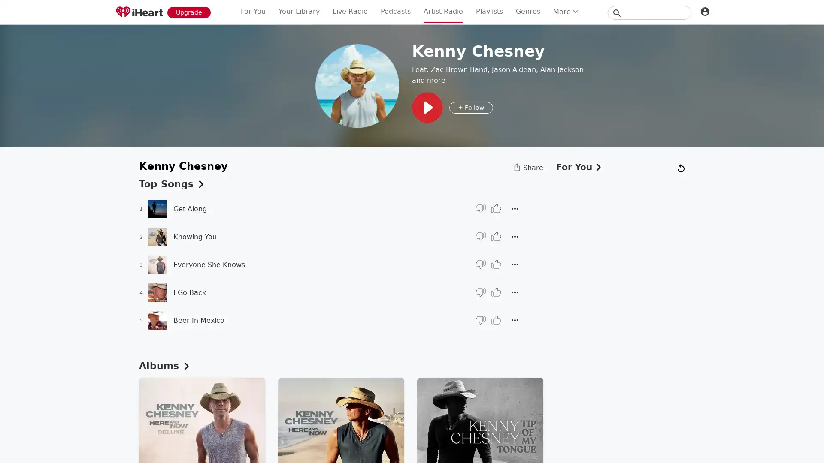 Image resolution: width=824 pixels, height=463 pixels. What do you see at coordinates (480, 320) in the screenshot?
I see `Thumb Down` at bounding box center [480, 320].